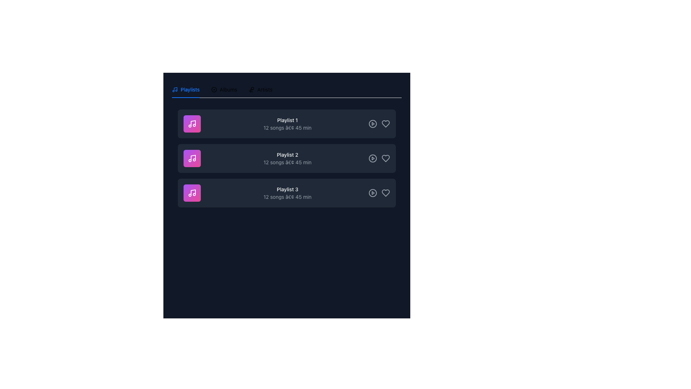 The height and width of the screenshot is (389, 691). I want to click on on the Tab bar, so click(286, 89).